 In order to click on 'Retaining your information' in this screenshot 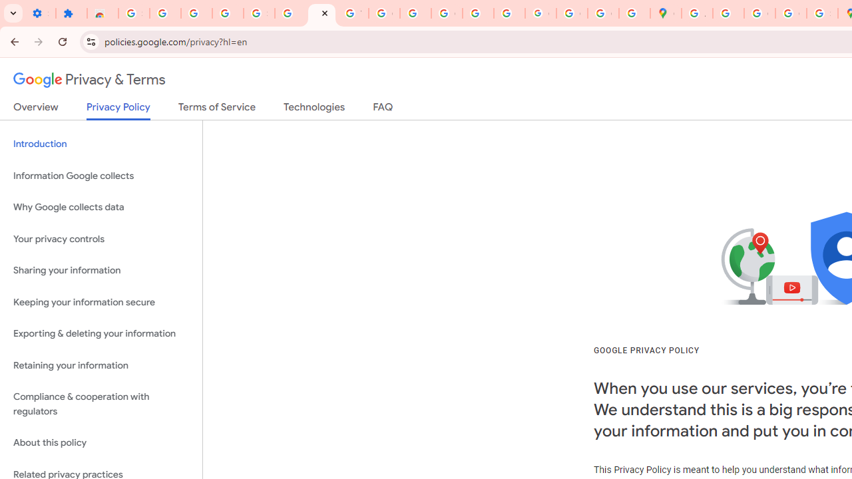, I will do `click(101, 365)`.